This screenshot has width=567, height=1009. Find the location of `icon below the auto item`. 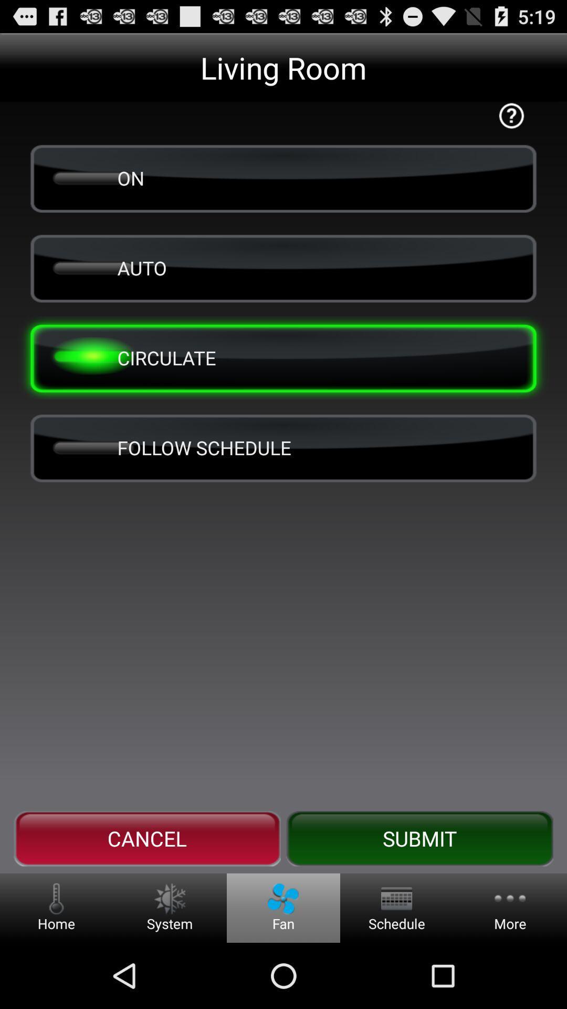

icon below the auto item is located at coordinates (283, 358).